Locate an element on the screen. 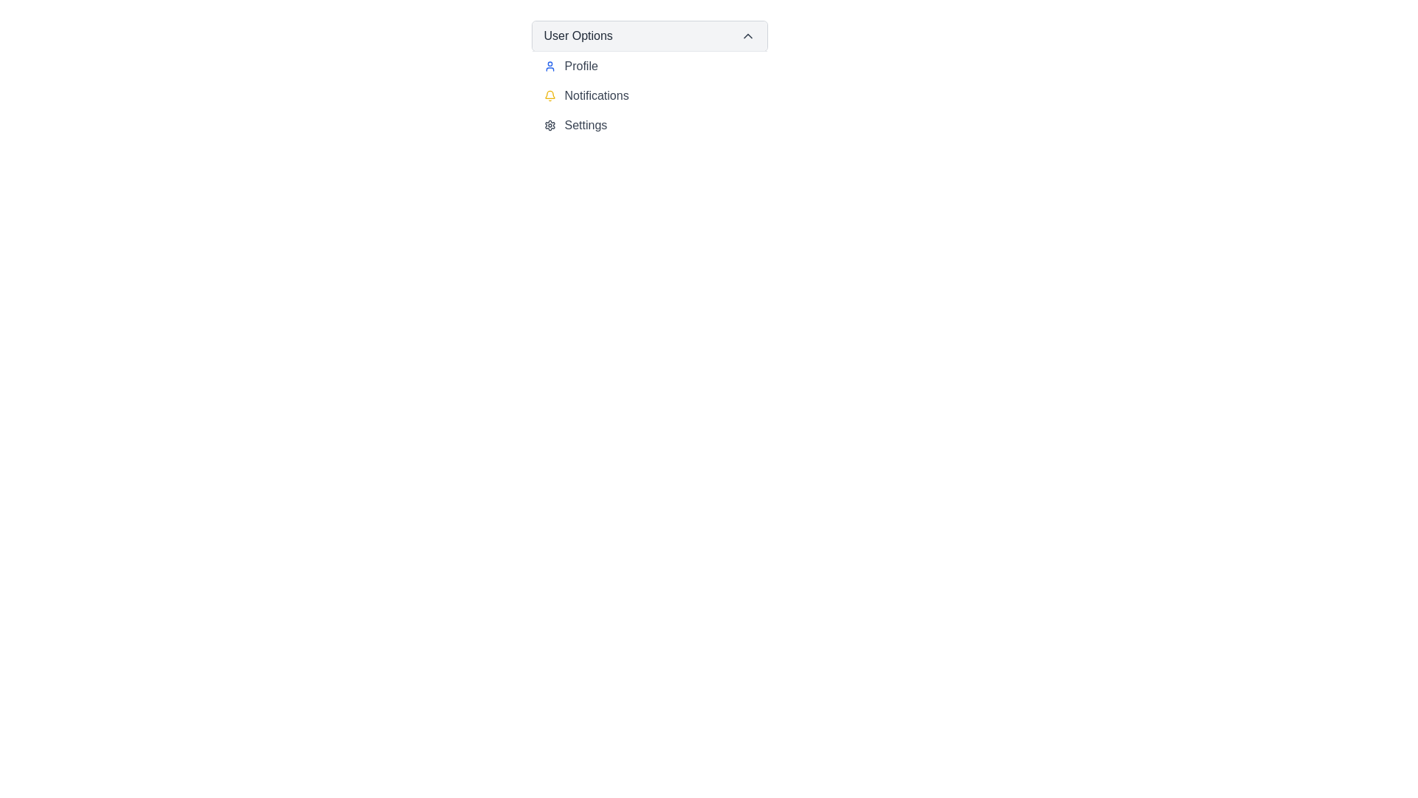  the 'Settings' text label located in the dropdown menu under 'User Options', which is the last item below 'Notifications' for interaction is located at coordinates (585, 124).